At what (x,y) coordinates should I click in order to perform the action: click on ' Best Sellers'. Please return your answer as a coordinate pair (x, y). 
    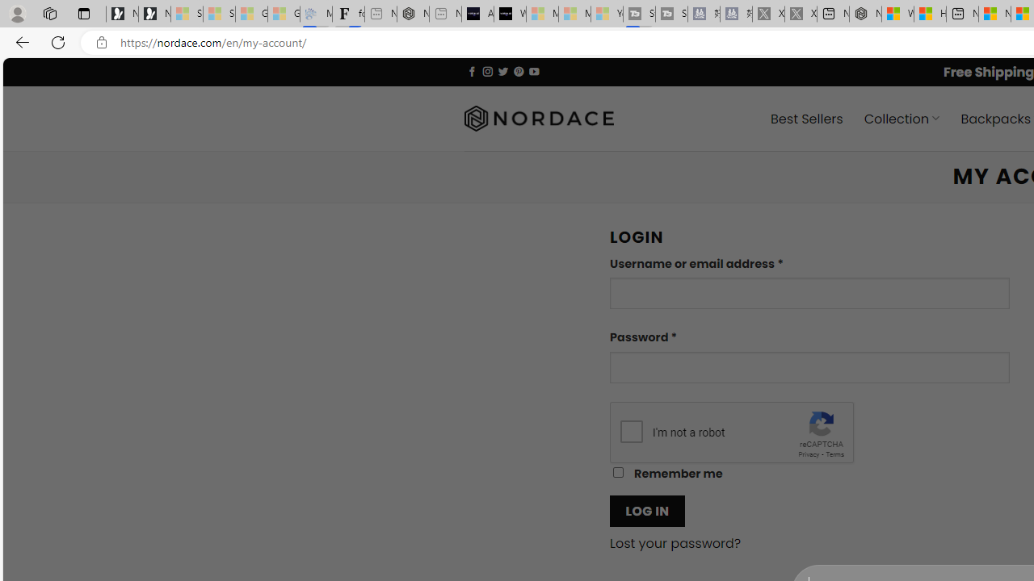
    Looking at the image, I should click on (807, 117).